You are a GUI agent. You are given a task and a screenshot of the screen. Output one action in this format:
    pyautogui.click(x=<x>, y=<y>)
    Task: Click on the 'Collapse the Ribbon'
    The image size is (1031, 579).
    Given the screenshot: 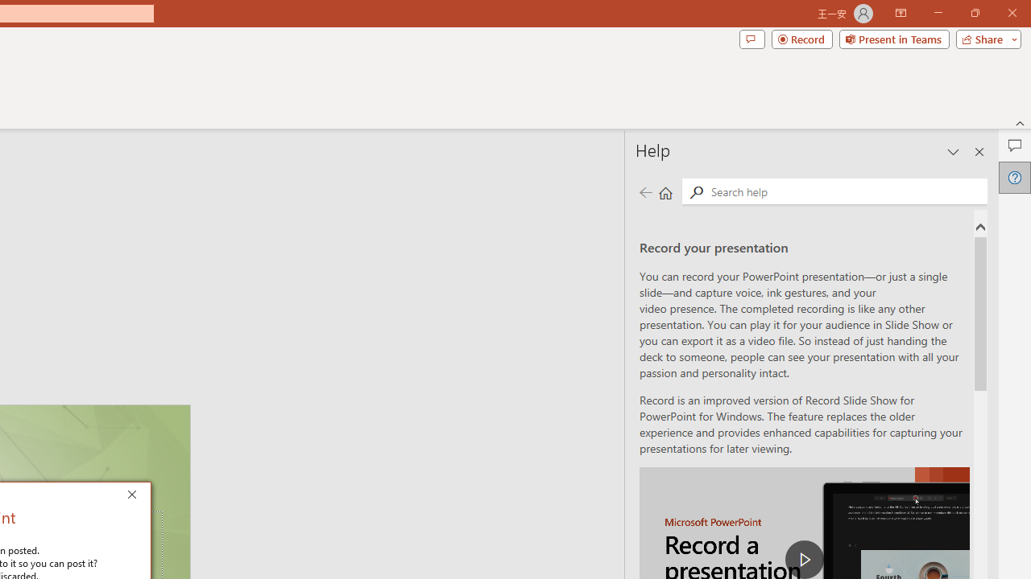 What is the action you would take?
    pyautogui.click(x=1020, y=122)
    